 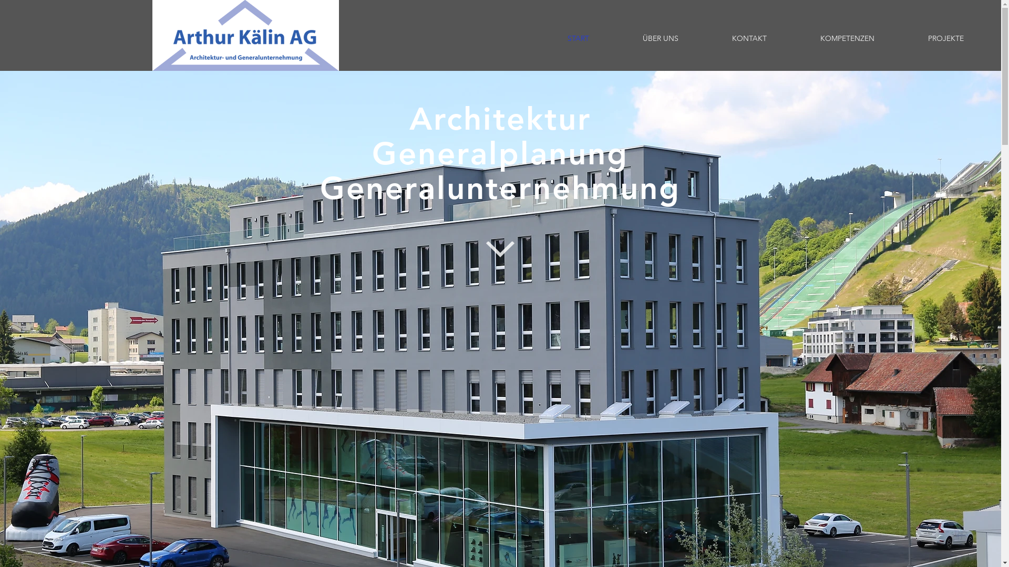 What do you see at coordinates (748, 38) in the screenshot?
I see `'KONTAKT'` at bounding box center [748, 38].